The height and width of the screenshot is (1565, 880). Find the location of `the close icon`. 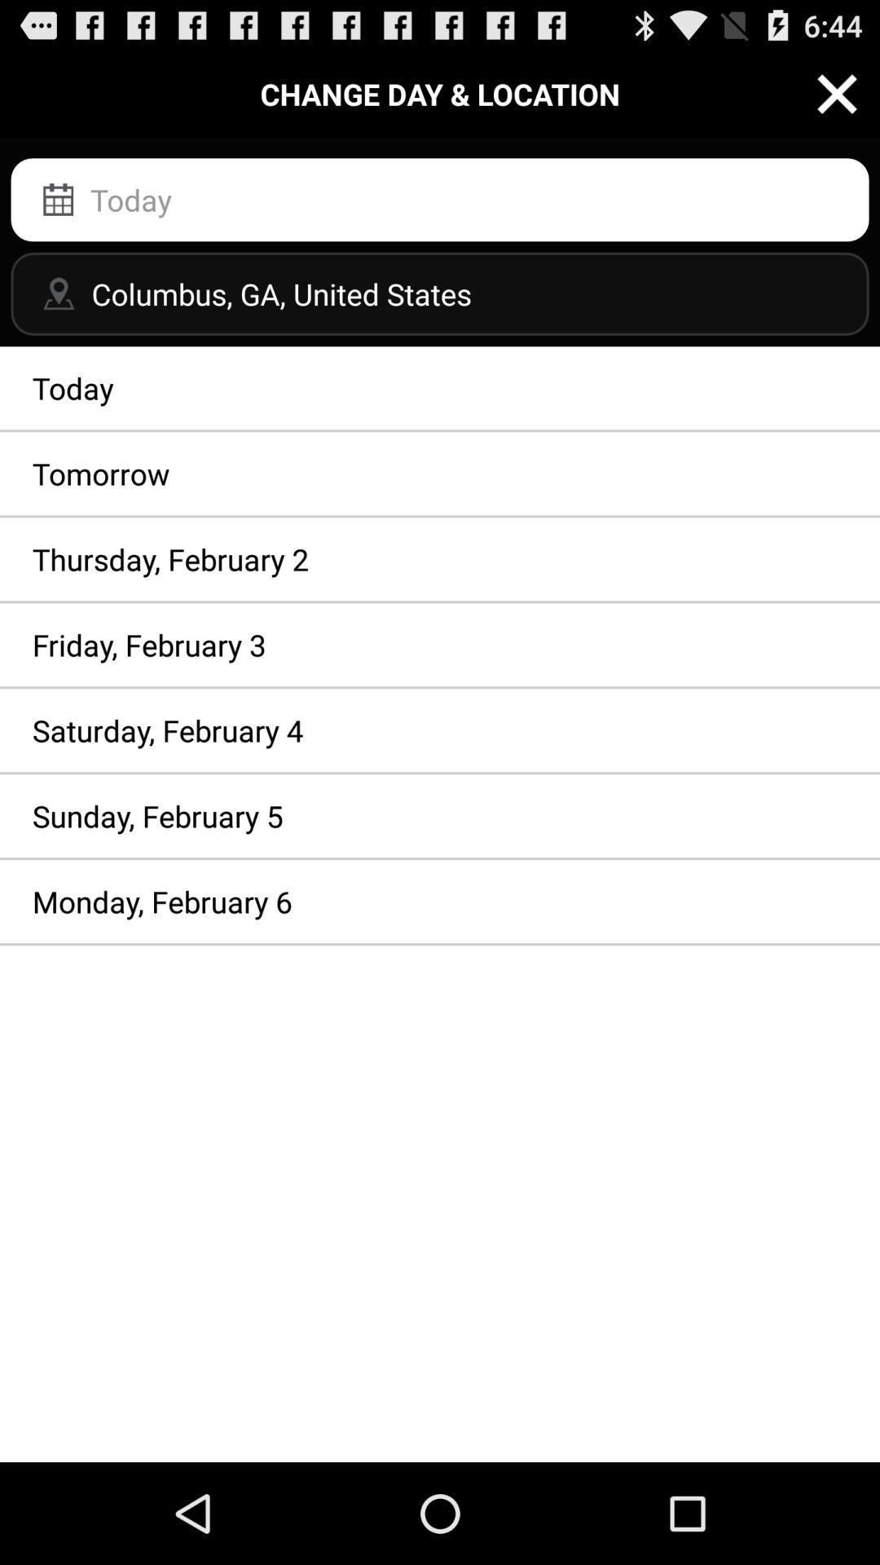

the close icon is located at coordinates (837, 99).